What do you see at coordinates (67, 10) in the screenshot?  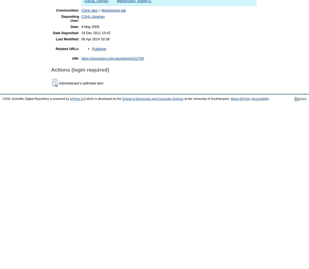 I see `'Communities:'` at bounding box center [67, 10].